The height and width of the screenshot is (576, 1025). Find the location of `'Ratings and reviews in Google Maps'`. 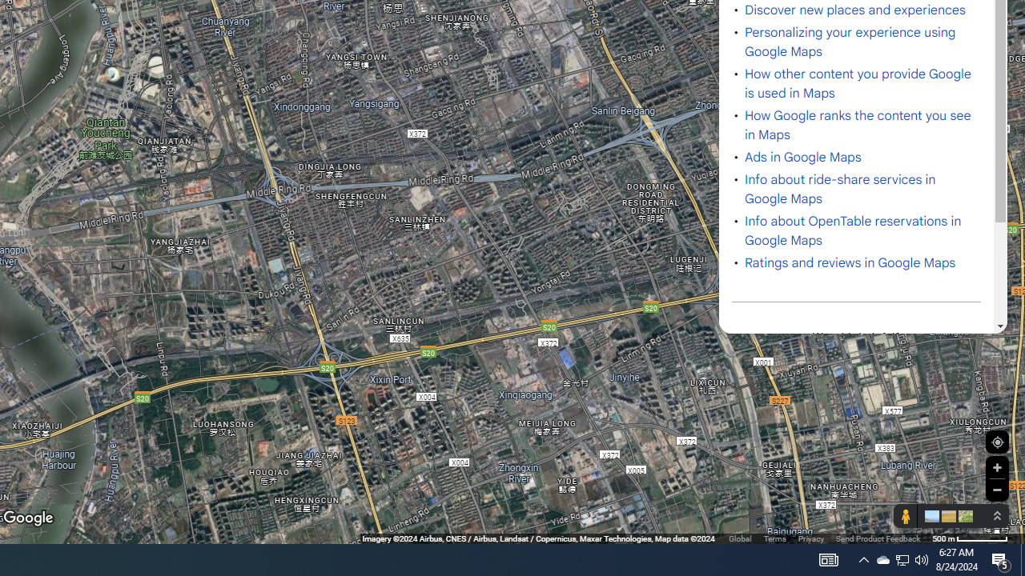

'Ratings and reviews in Google Maps' is located at coordinates (850, 262).